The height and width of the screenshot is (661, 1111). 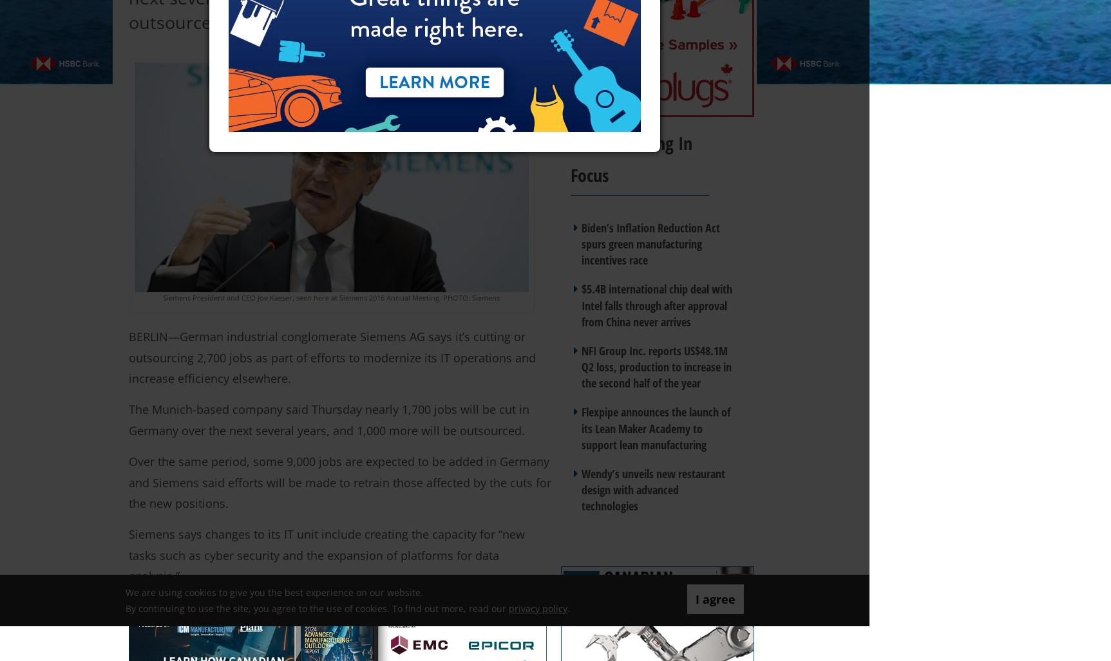 What do you see at coordinates (655, 427) in the screenshot?
I see `'Flexpipe announces the launch of its Lean Maker Academy to support lean manufacturing'` at bounding box center [655, 427].